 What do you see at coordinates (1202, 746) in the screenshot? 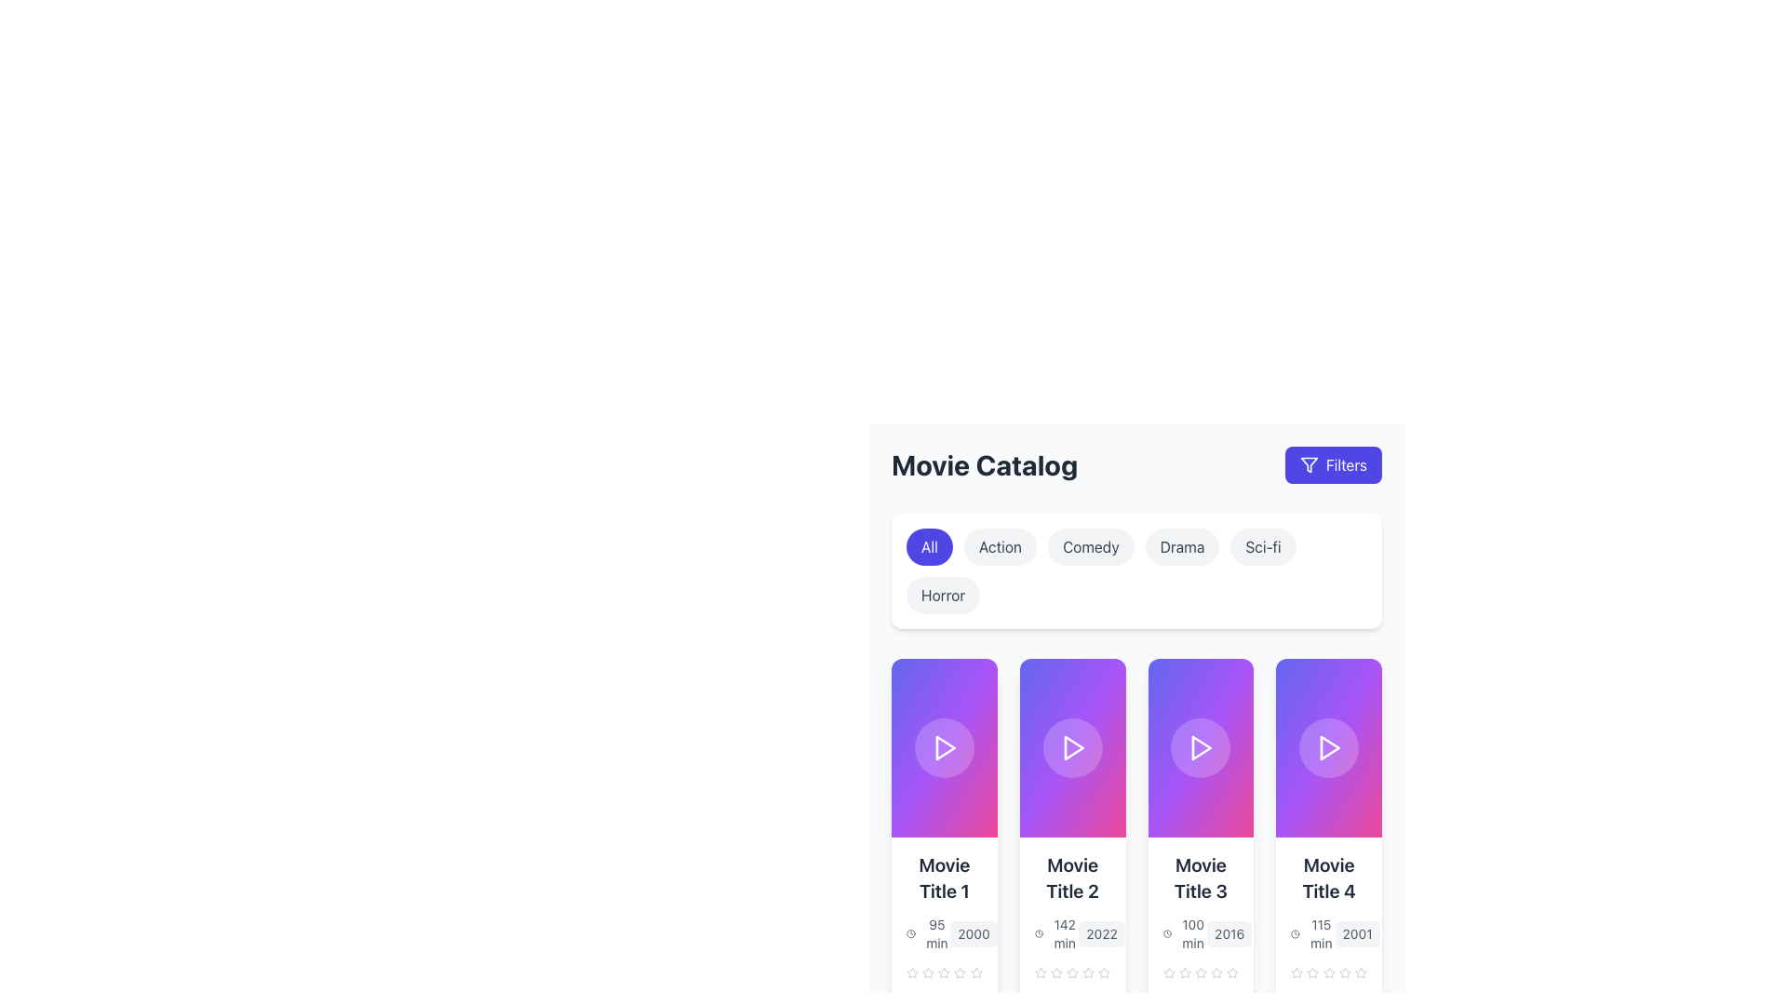
I see `the Play Icon located at the center of the third column in the movie grid` at bounding box center [1202, 746].